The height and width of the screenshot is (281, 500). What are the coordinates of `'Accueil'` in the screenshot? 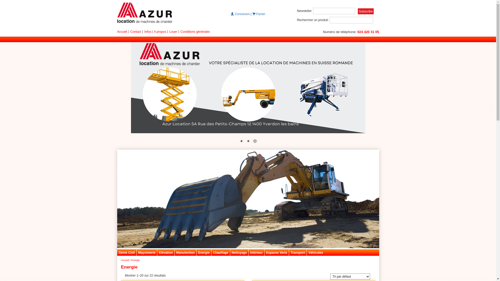 It's located at (122, 32).